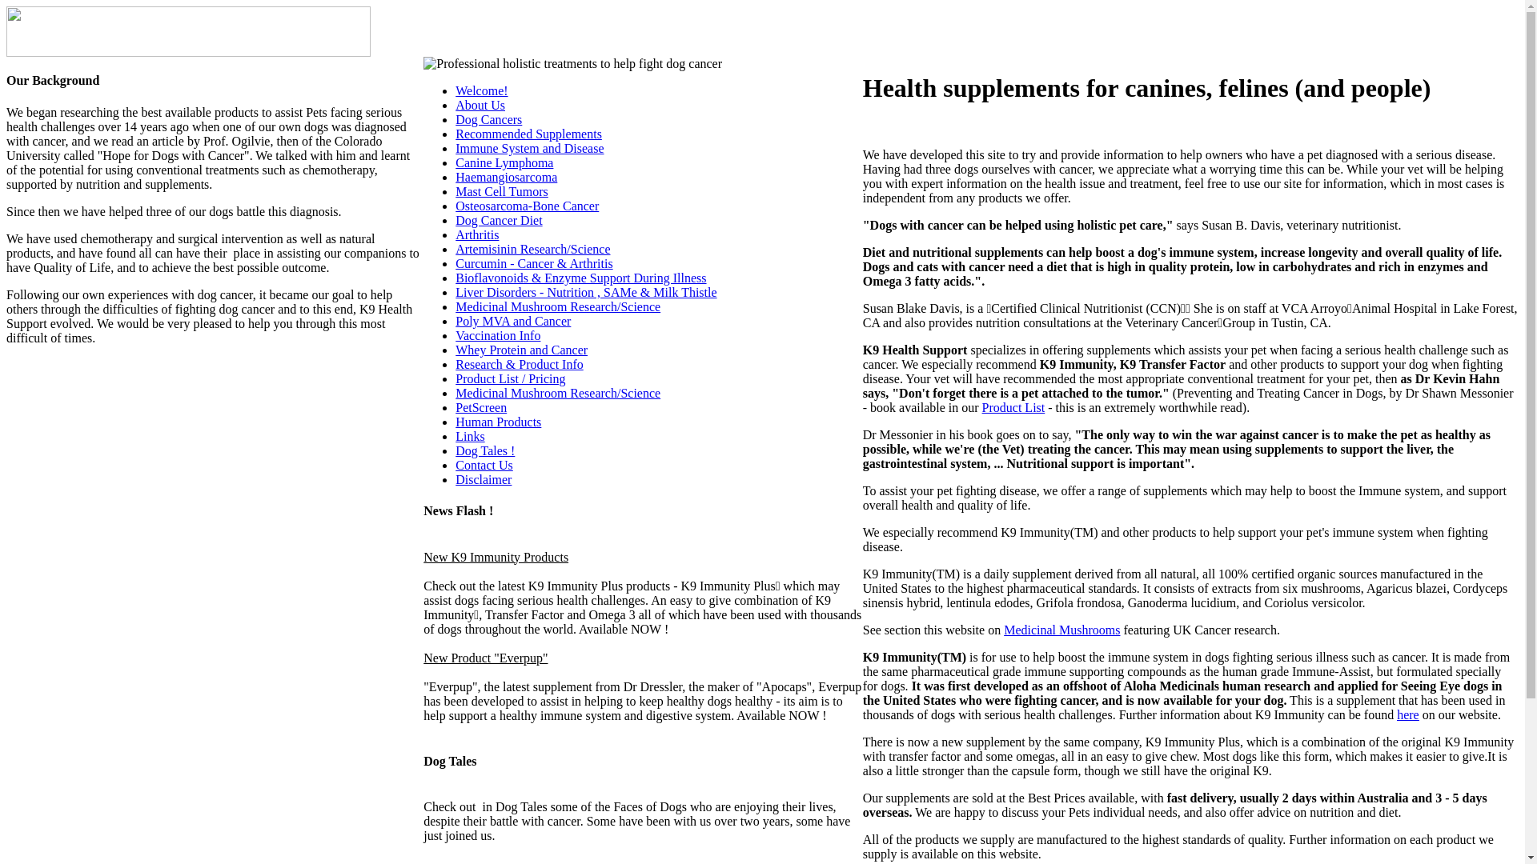 Image resolution: width=1537 pixels, height=864 pixels. Describe the element at coordinates (455, 133) in the screenshot. I see `'Recommended Supplements'` at that location.